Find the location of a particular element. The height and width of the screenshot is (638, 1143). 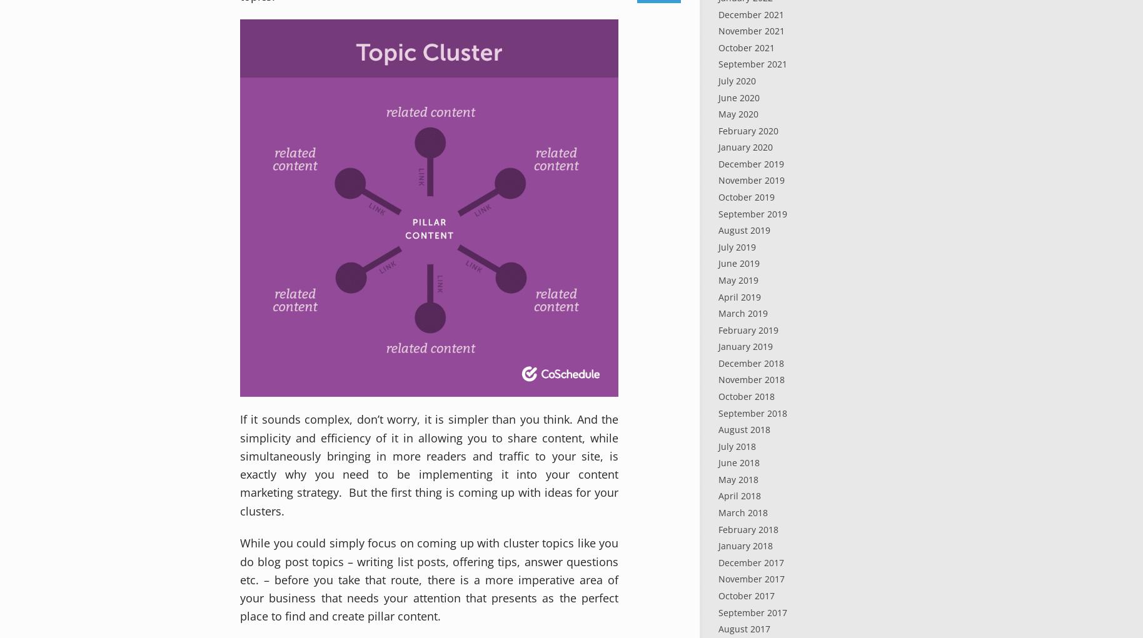

'November 2018' is located at coordinates (718, 379).